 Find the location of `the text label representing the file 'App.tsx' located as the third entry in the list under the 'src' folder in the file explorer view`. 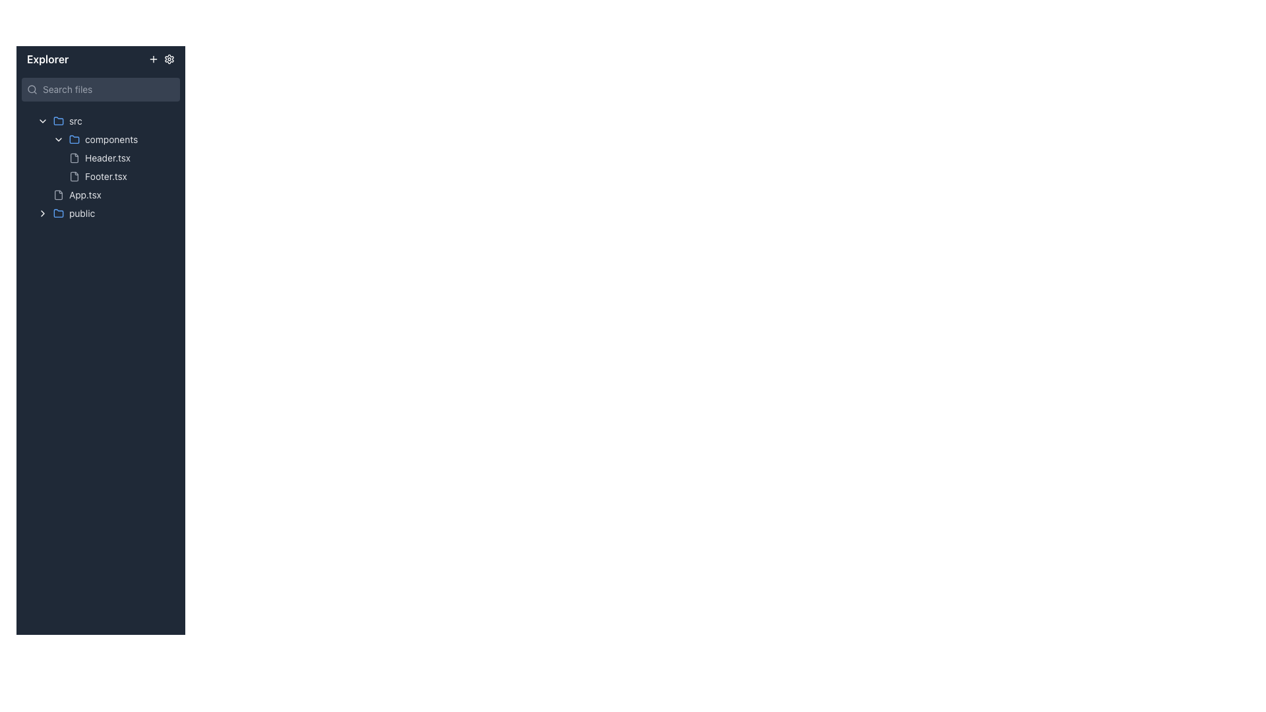

the text label representing the file 'App.tsx' located as the third entry in the list under the 'src' folder in the file explorer view is located at coordinates (84, 195).